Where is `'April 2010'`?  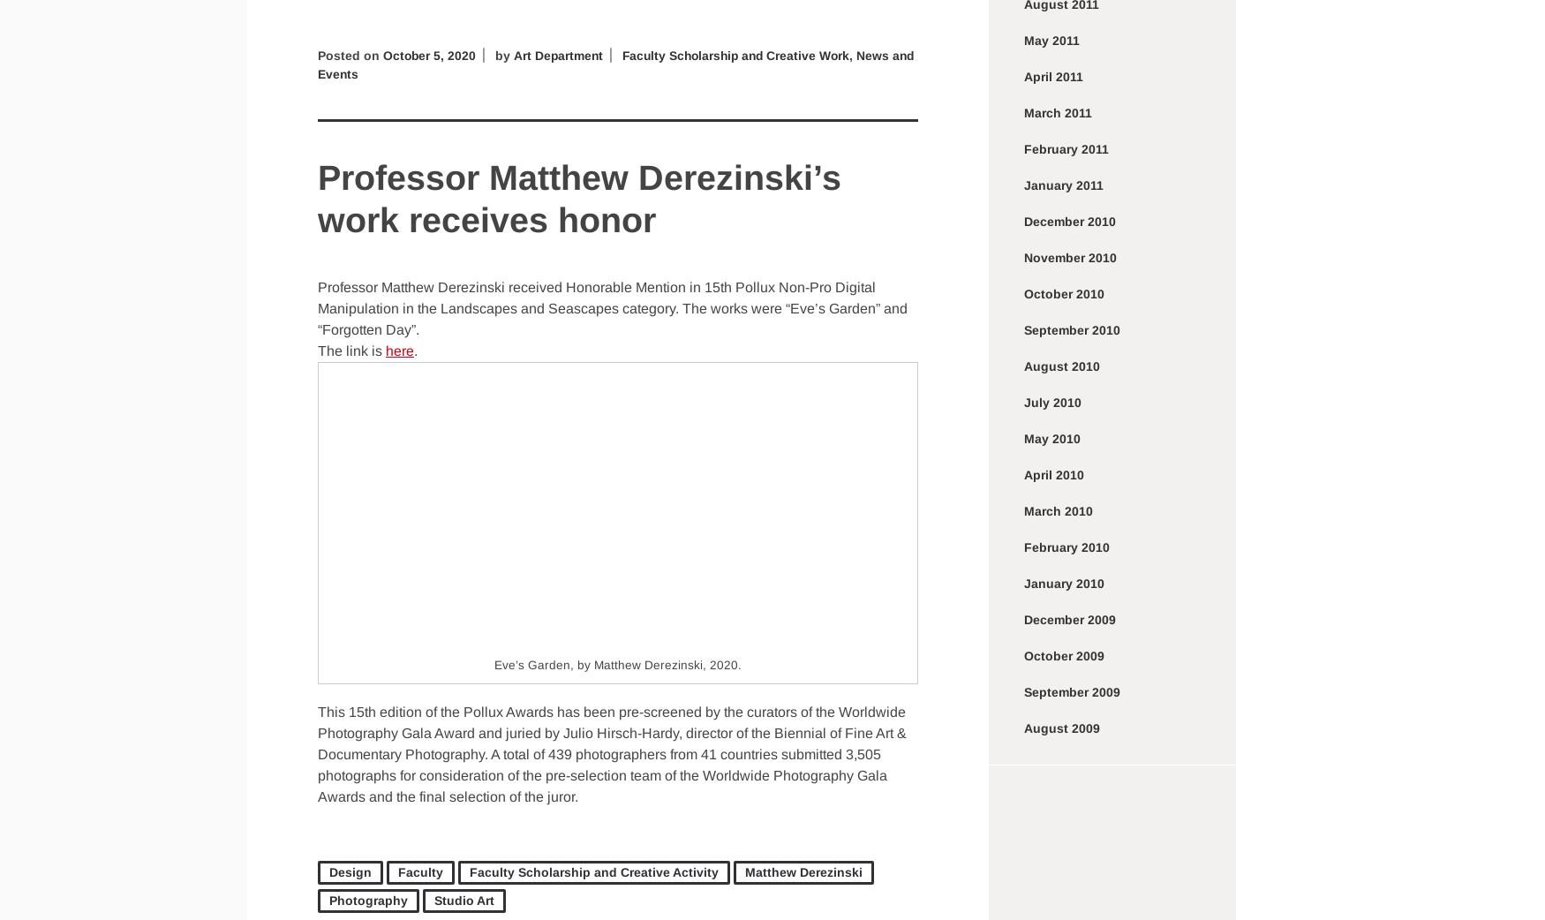 'April 2010' is located at coordinates (1054, 473).